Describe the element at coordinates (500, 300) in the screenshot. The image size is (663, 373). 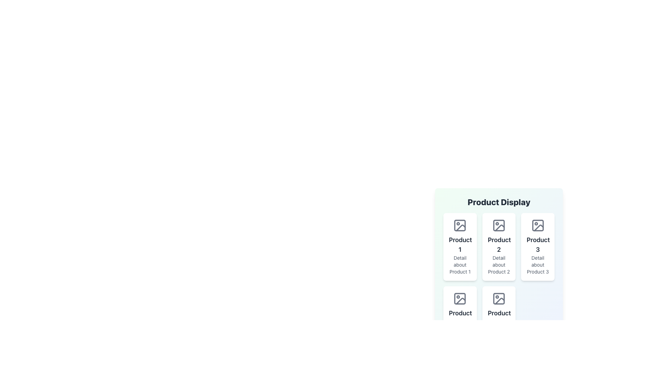
I see `the outlined slanted figure icon located in the second column of the bottom row in the product grid` at that location.